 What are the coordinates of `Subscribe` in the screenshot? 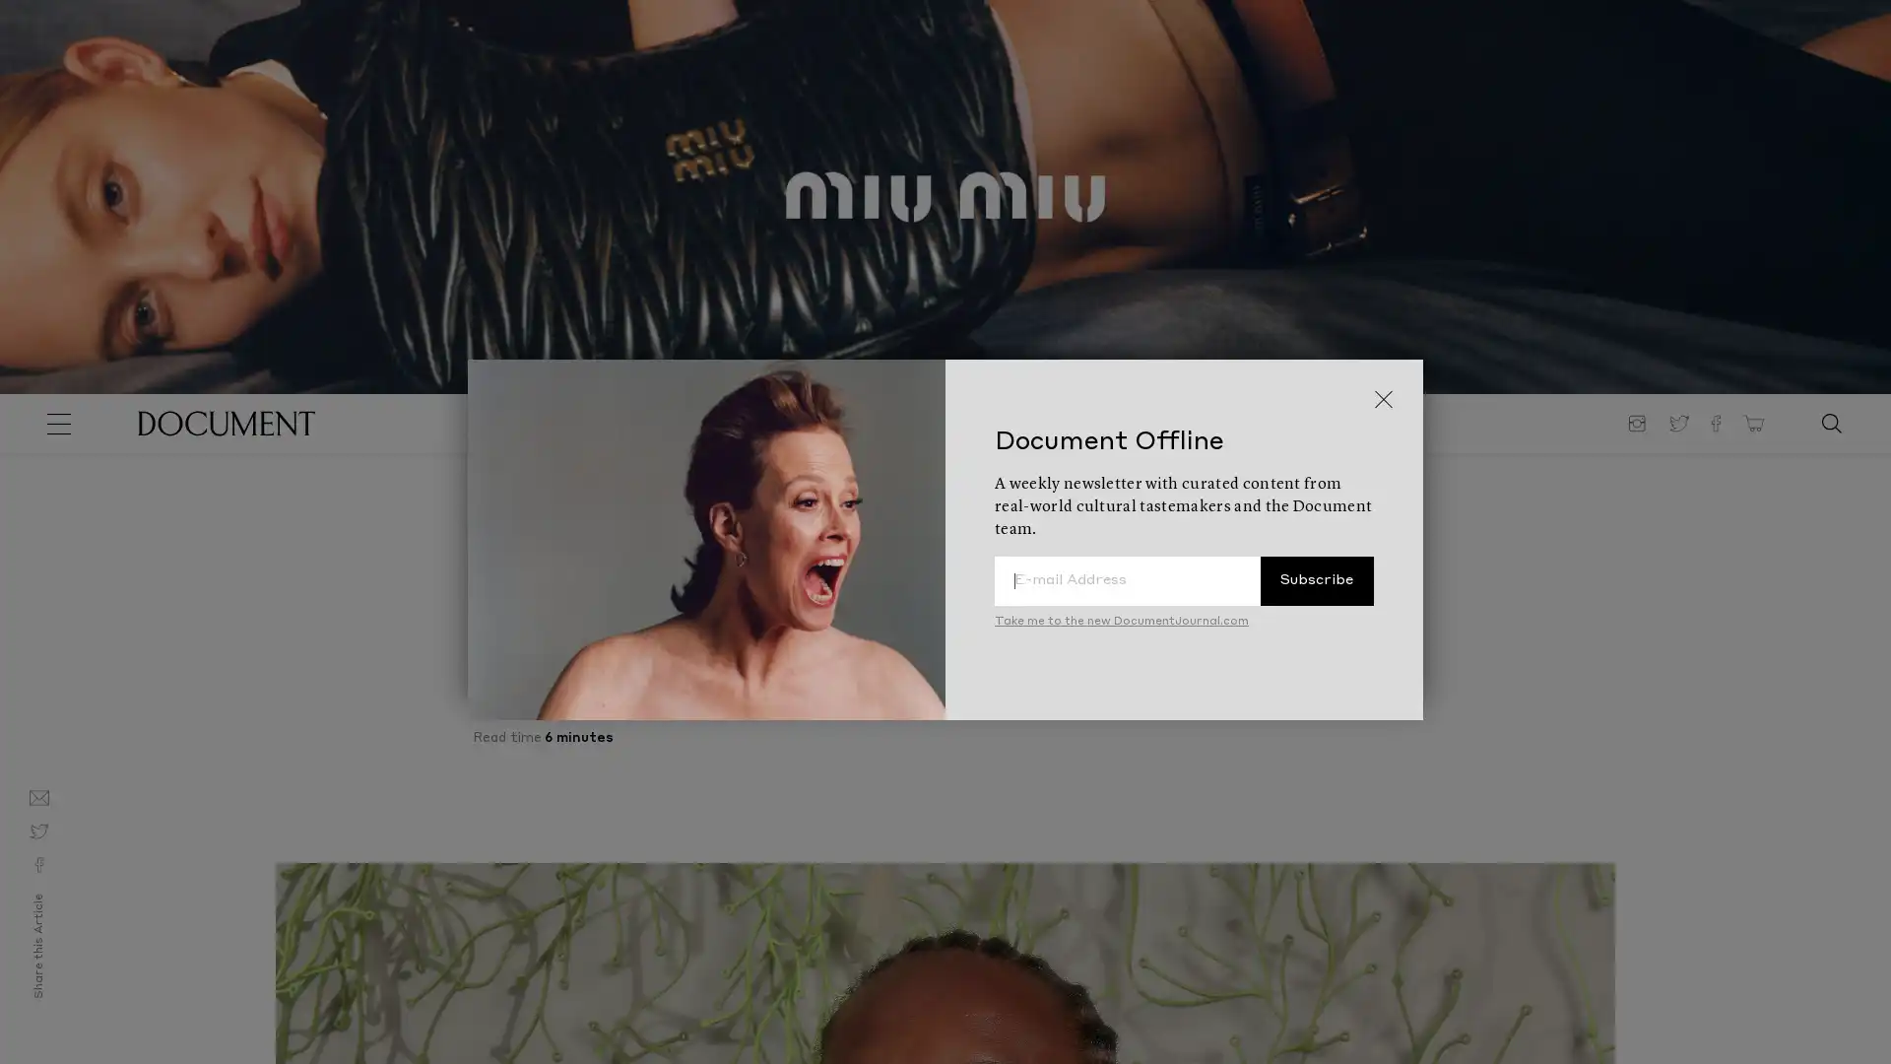 It's located at (1317, 579).